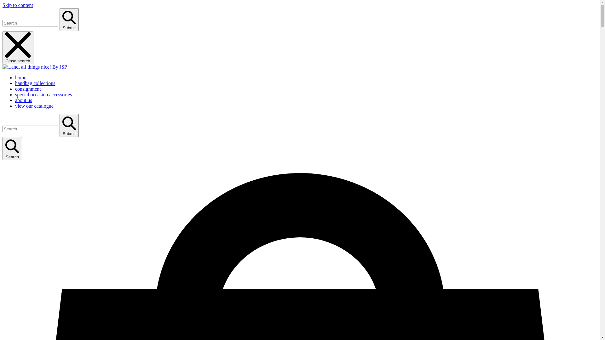 The width and height of the screenshot is (605, 340). Describe the element at coordinates (18, 5) in the screenshot. I see `'Skip to content'` at that location.